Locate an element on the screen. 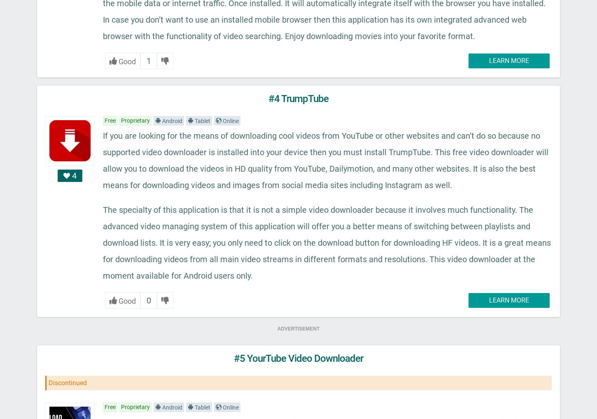 The height and width of the screenshot is (419, 597). 'If you are looking for the means of downloading cool videos from YouTube or other websites and can’t do so because no supported video downloader is installed into your device then you must install TrumpTube. This free video downloader will allow you to download the videos in HD quality from YouTube, Dailymotion, and many other websites. It is also the best means for downloading videos and images from social media sites including Instagram as well.' is located at coordinates (325, 160).